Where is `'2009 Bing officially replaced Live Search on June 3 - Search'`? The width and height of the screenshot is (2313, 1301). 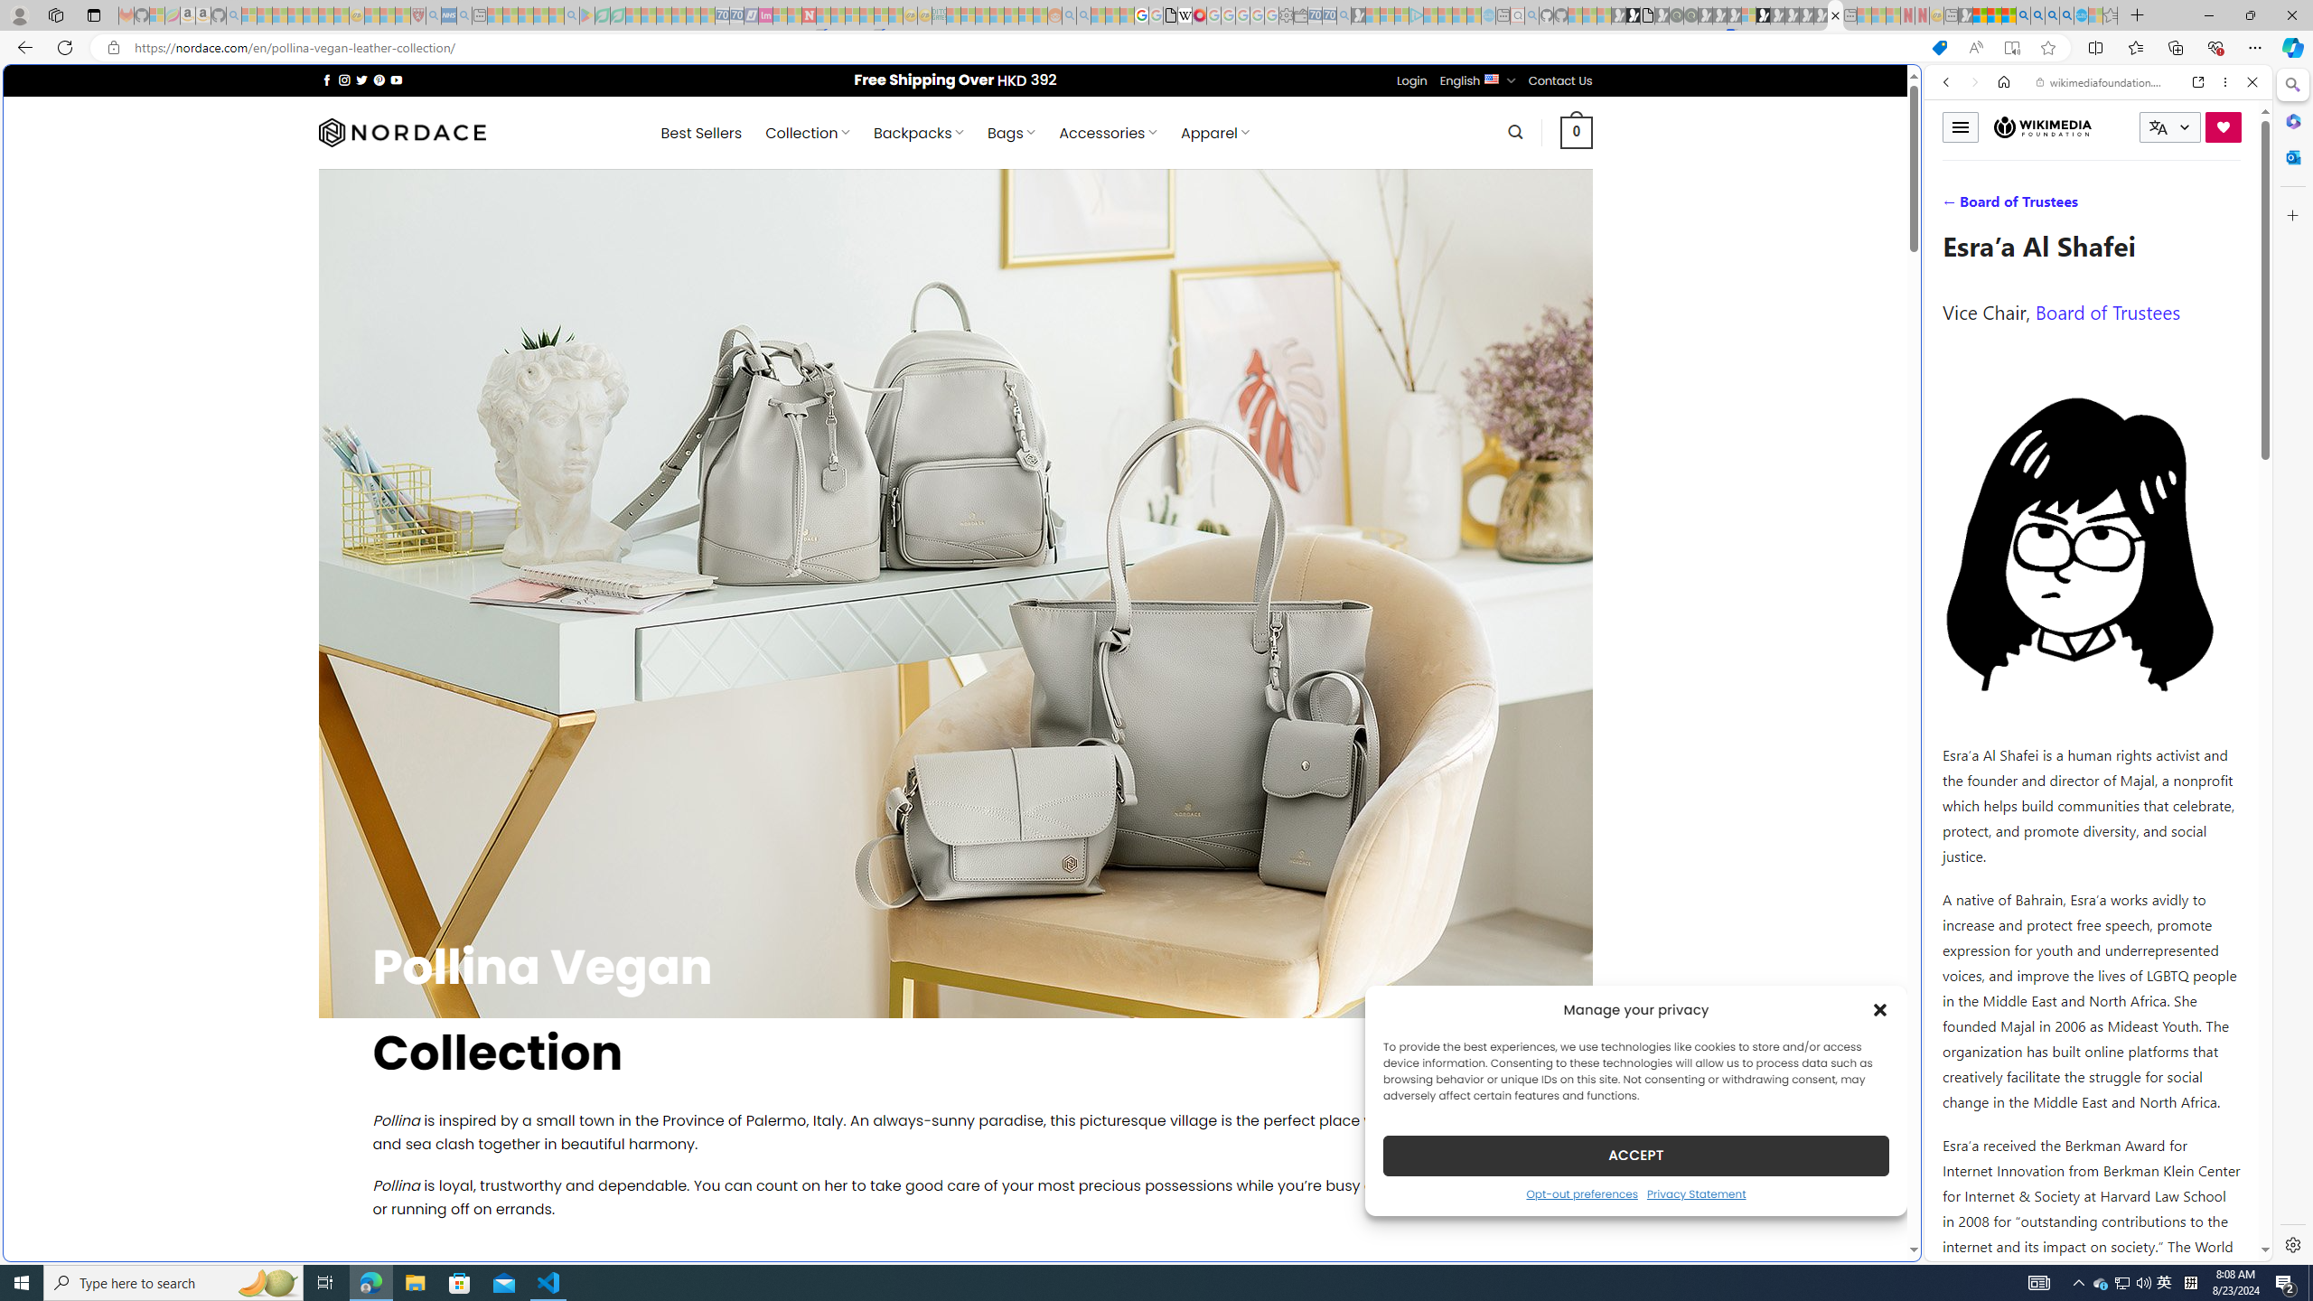 '2009 Bing officially replaced Live Search on June 3 - Search' is located at coordinates (2037, 14).